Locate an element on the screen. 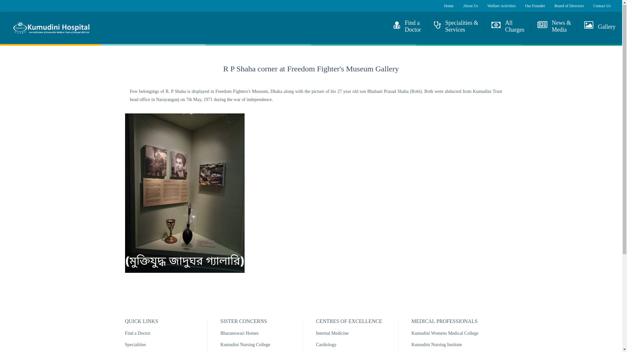 The height and width of the screenshot is (352, 627). 'Contact Us' is located at coordinates (593, 6).